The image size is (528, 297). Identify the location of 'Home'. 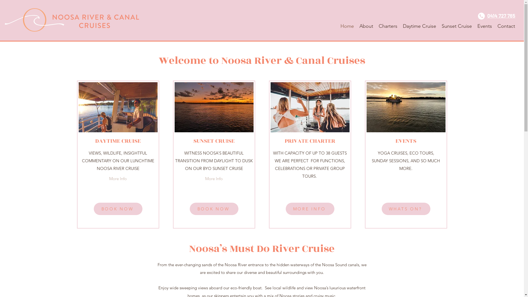
(347, 26).